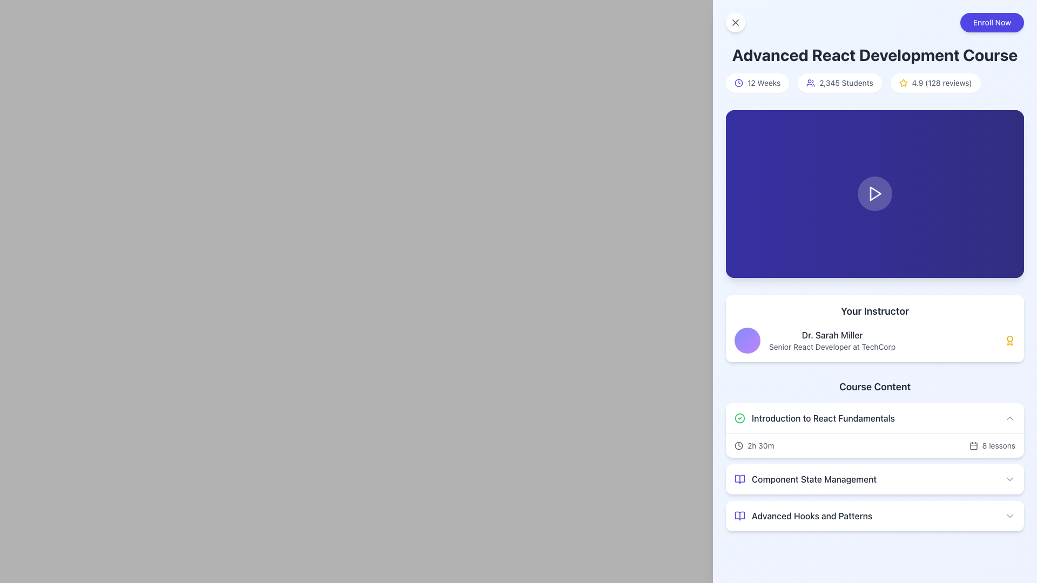  Describe the element at coordinates (992, 23) in the screenshot. I see `the 'Enroll Now' button, which is a rounded button with white text on an indigo background, located in the top-right corner of the layout section` at that location.